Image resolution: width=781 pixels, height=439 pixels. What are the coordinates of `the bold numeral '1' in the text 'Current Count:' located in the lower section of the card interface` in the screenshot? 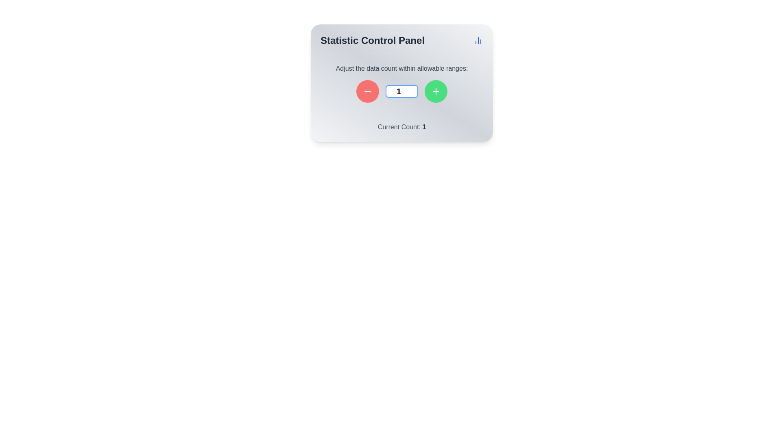 It's located at (423, 127).